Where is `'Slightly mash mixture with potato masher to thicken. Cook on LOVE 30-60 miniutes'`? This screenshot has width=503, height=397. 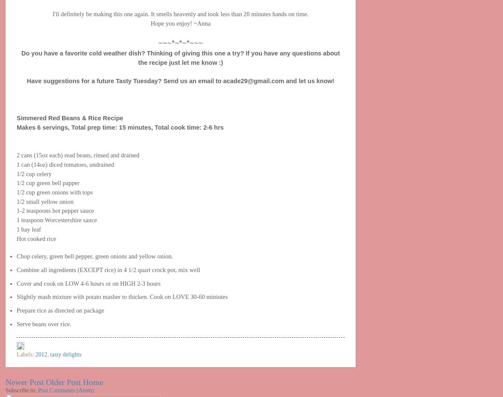 'Slightly mash mixture with potato masher to thicken. Cook on LOVE 30-60 miniutes' is located at coordinates (122, 296).